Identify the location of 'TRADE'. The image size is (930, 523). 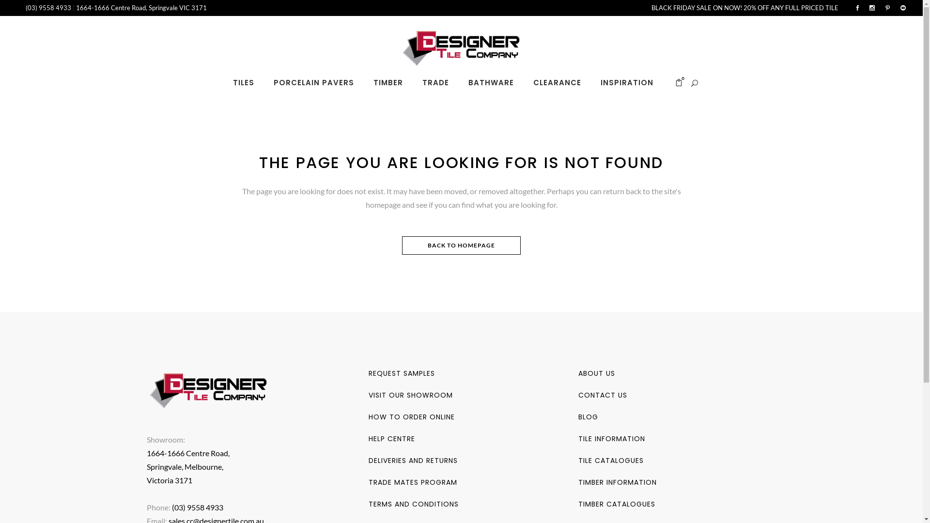
(435, 82).